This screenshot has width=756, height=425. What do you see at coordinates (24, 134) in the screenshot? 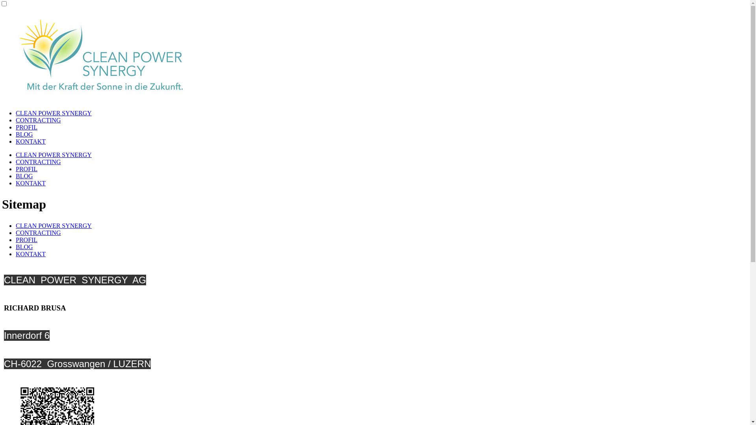
I see `'BLOG'` at bounding box center [24, 134].